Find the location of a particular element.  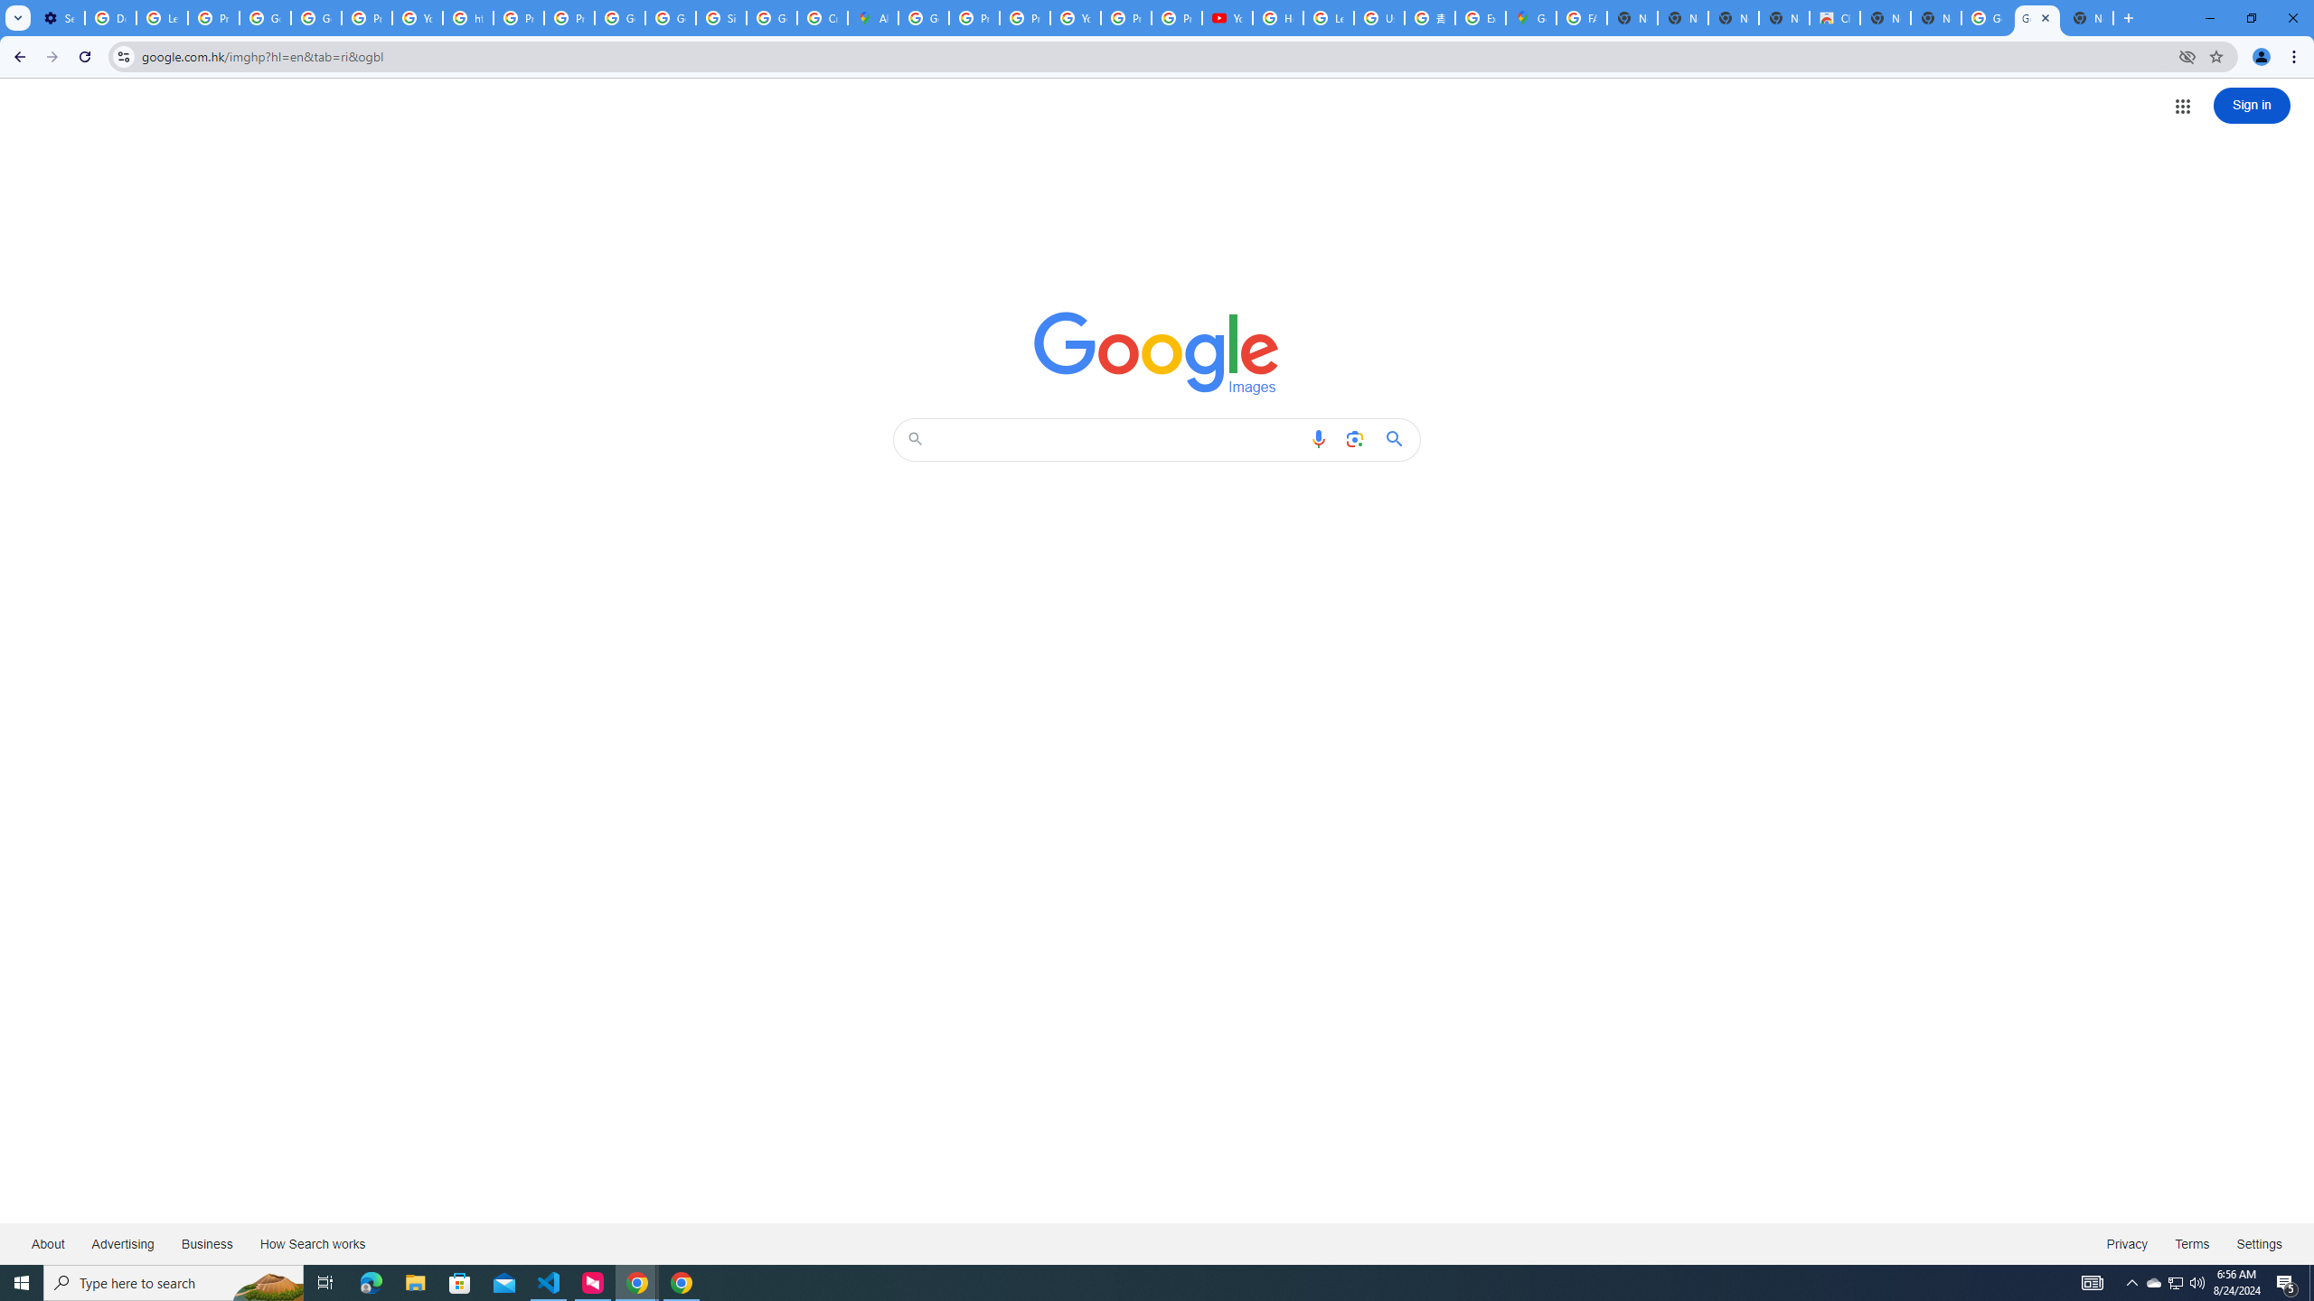

'Google Images' is located at coordinates (2037, 17).